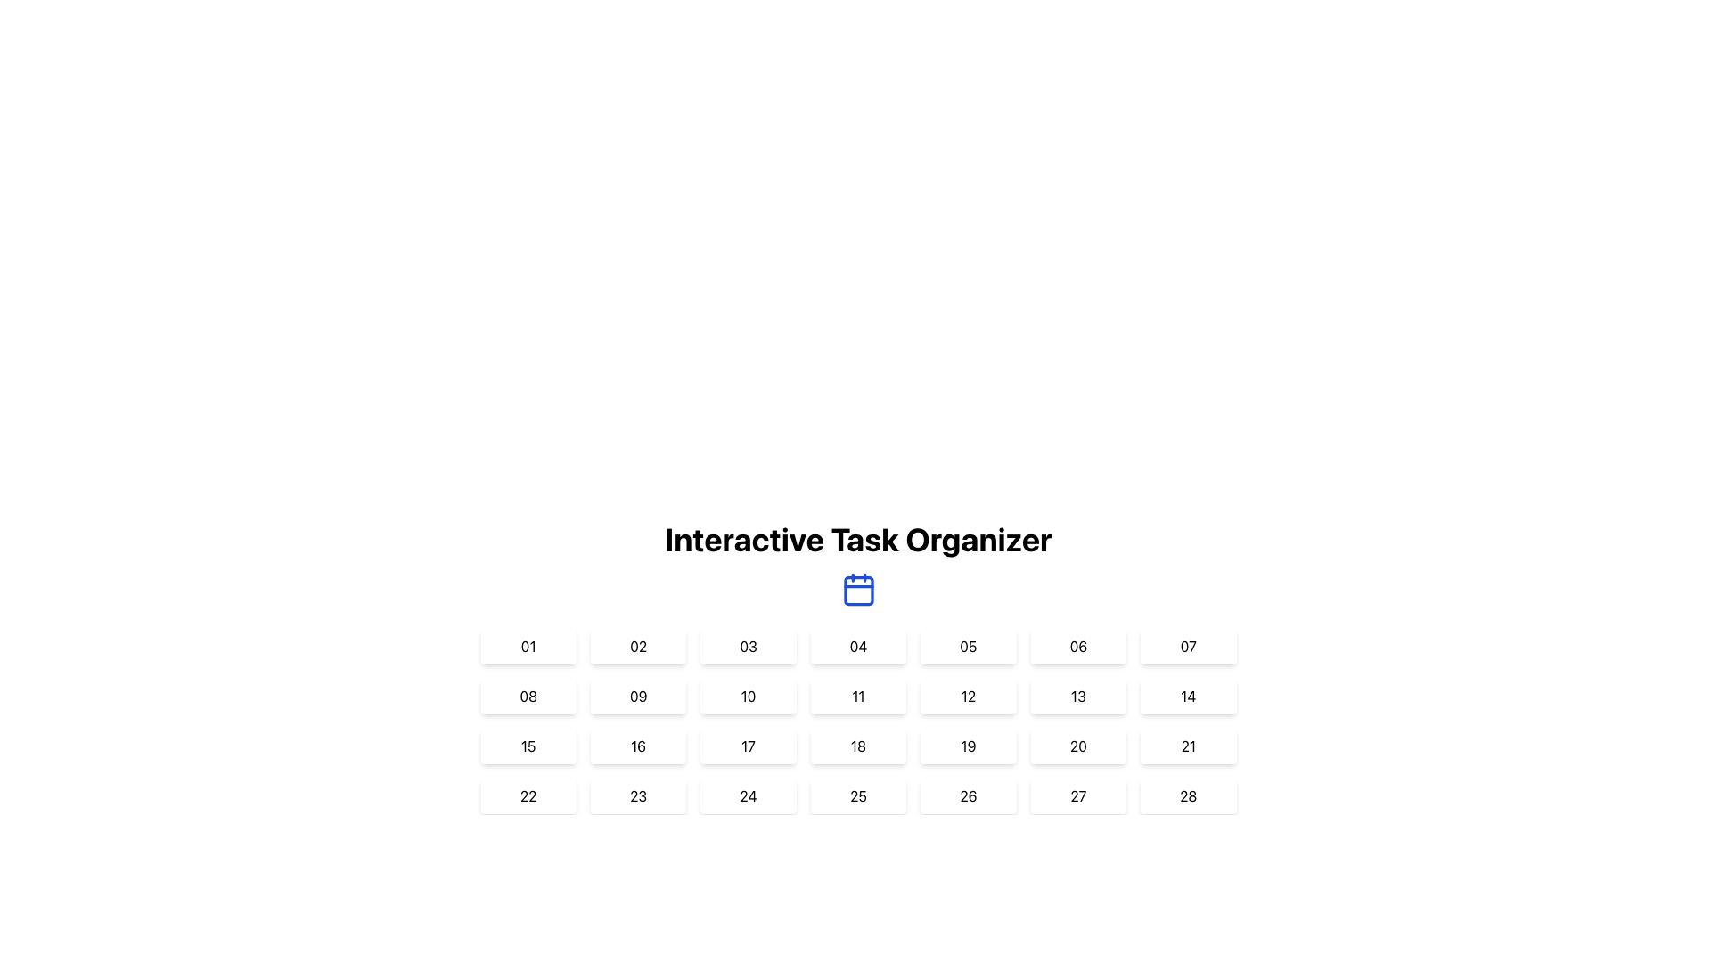  Describe the element at coordinates (638, 696) in the screenshot. I see `the button labeled '09', which is a rectangular button with rounded corners and a light gray background` at that location.